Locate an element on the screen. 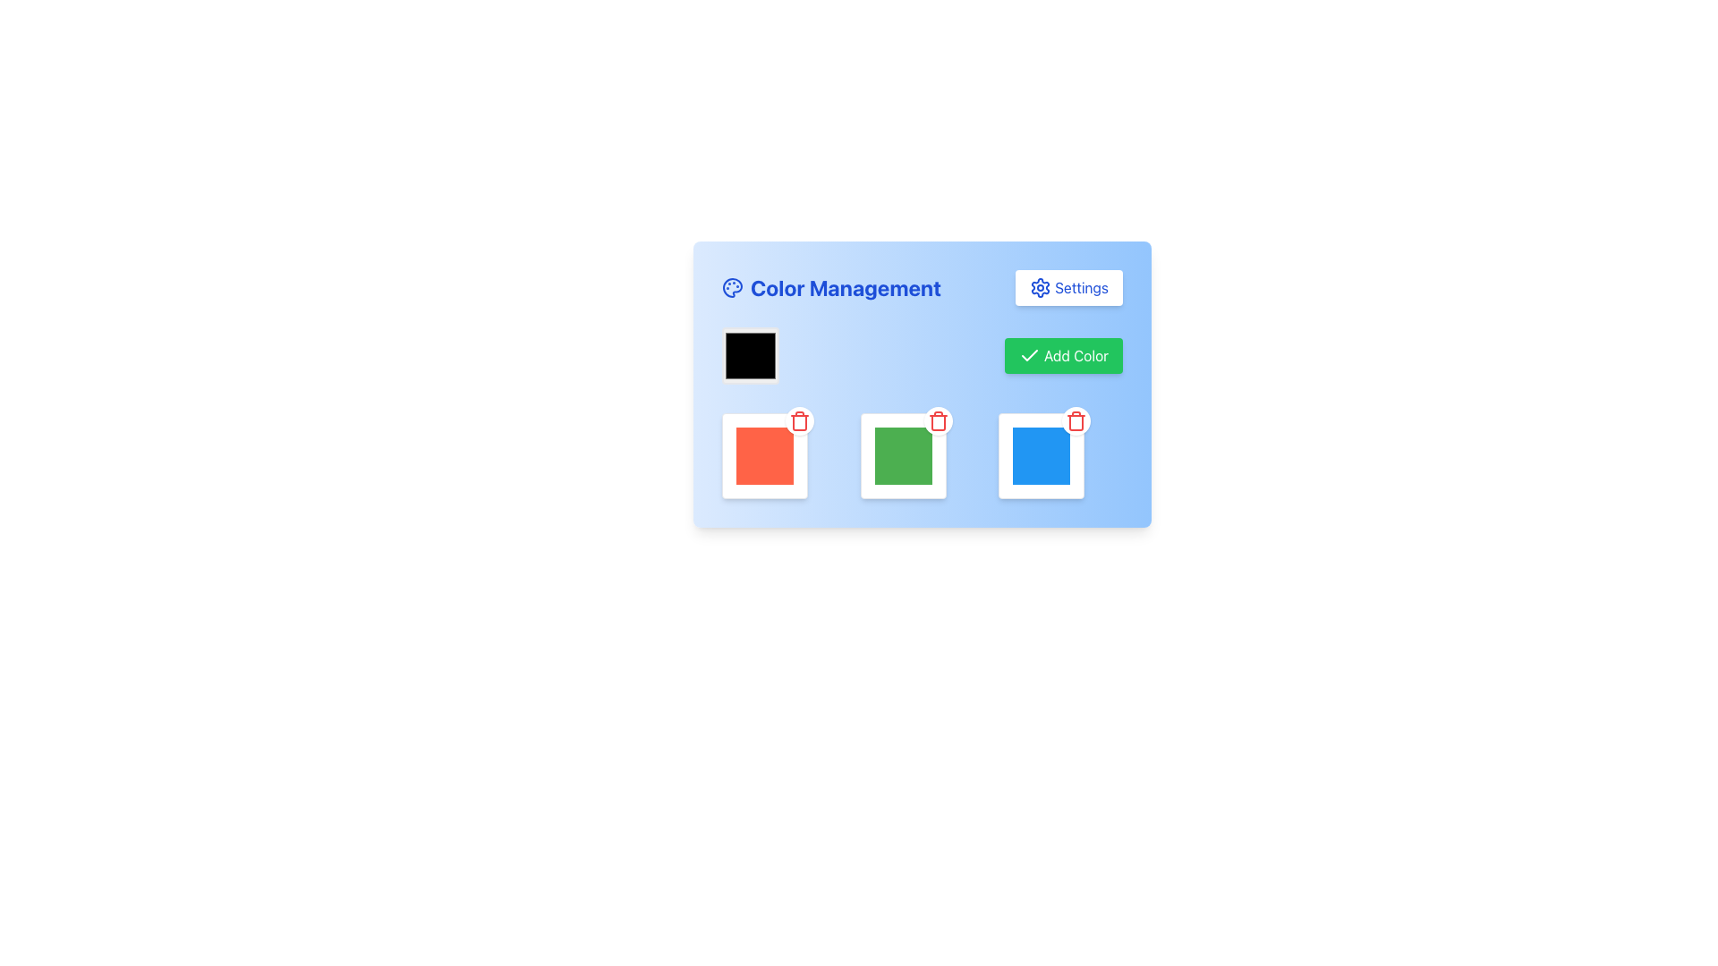 The height and width of the screenshot is (966, 1718). the confirmation icon located within the 'Add Color' button in the top-right section of the 'Color Management' card is located at coordinates (1029, 355).